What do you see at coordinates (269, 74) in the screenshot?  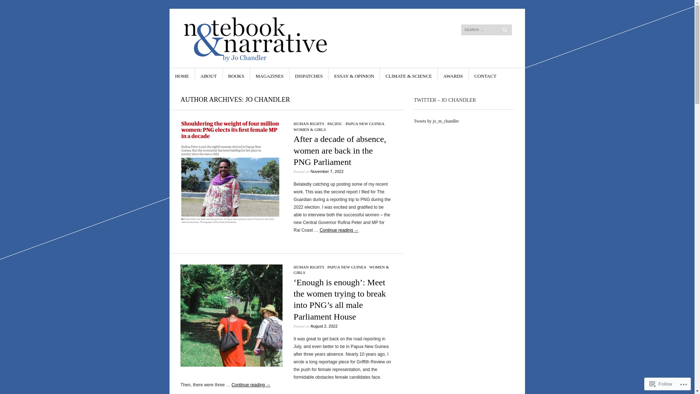 I see `'MAGAZINES'` at bounding box center [269, 74].